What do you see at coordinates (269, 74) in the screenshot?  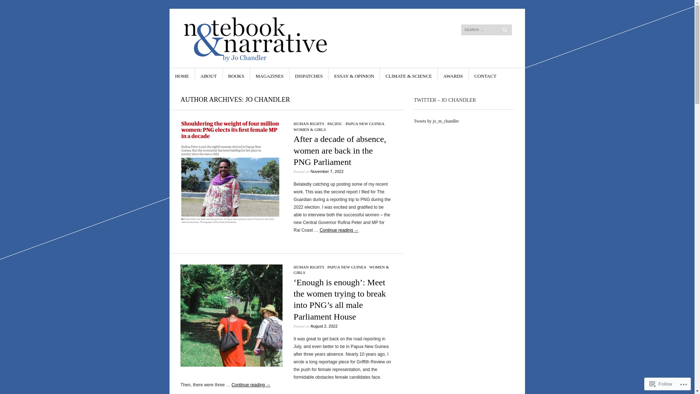 I see `'MAGAZINES'` at bounding box center [269, 74].